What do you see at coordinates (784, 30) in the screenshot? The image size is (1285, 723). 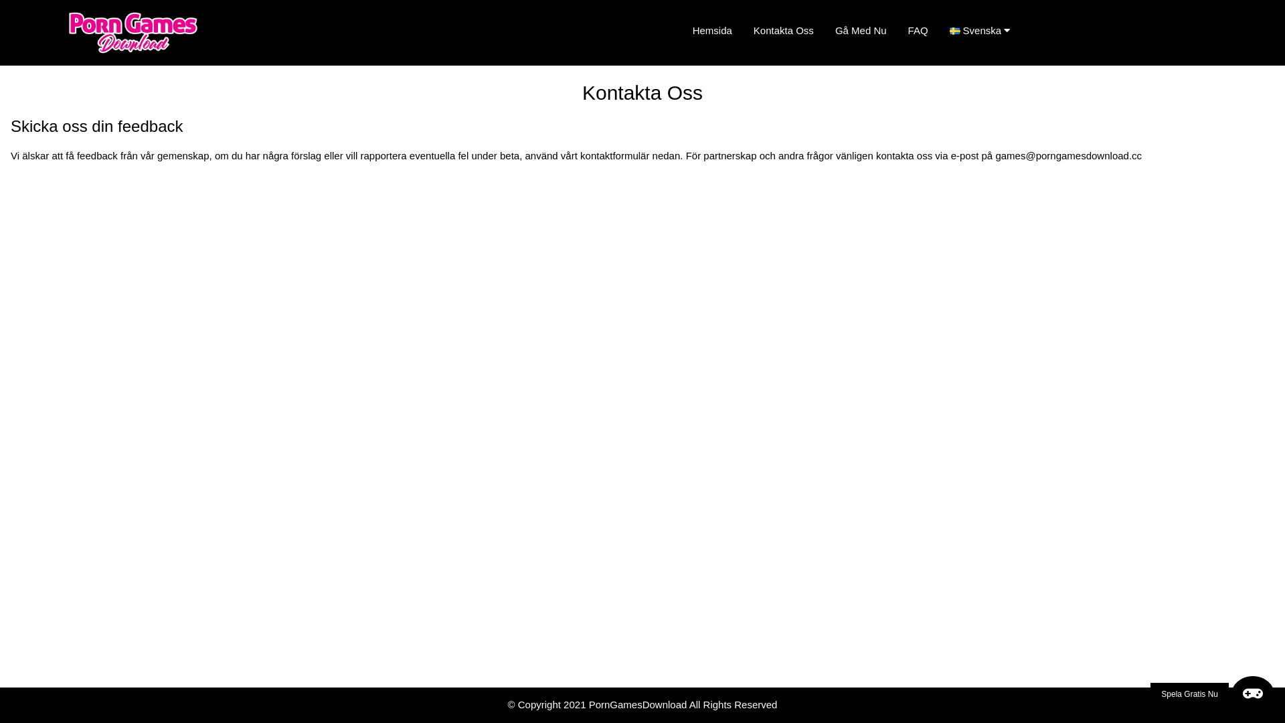 I see `'Kontakta Oss'` at bounding box center [784, 30].